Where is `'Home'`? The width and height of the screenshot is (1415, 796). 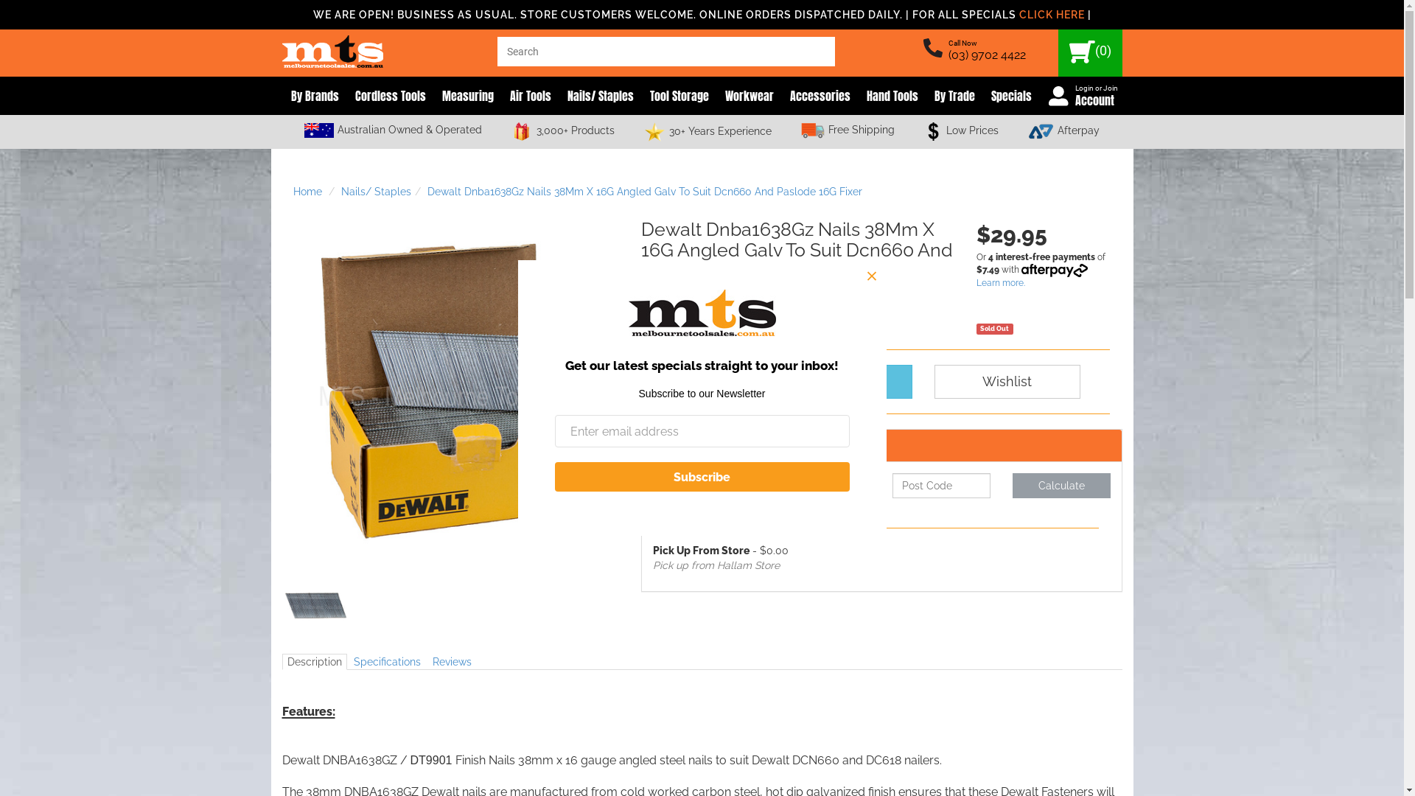 'Home' is located at coordinates (307, 190).